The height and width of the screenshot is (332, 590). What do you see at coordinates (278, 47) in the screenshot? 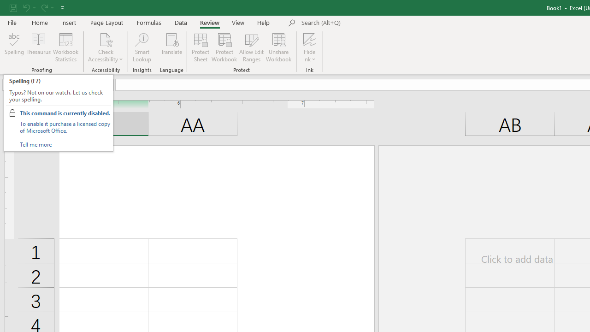
I see `'Unshare Workbook'` at bounding box center [278, 47].